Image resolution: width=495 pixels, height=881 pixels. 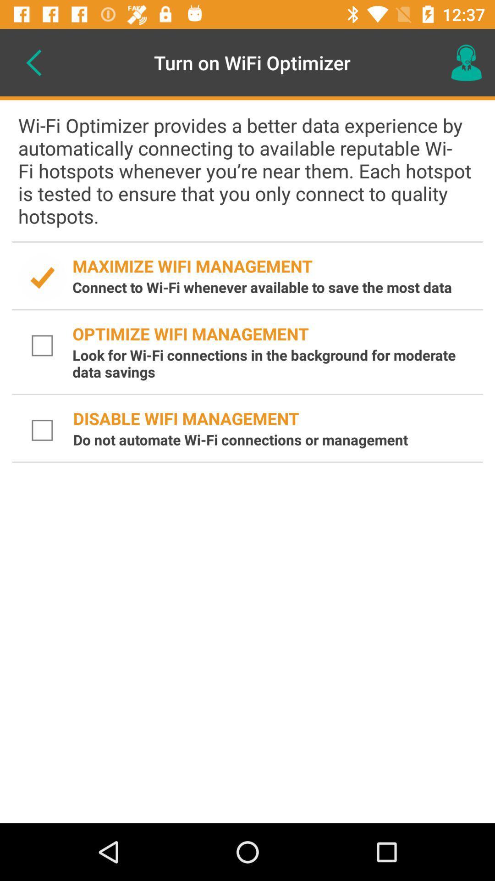 What do you see at coordinates (42, 277) in the screenshot?
I see `share the wifi` at bounding box center [42, 277].